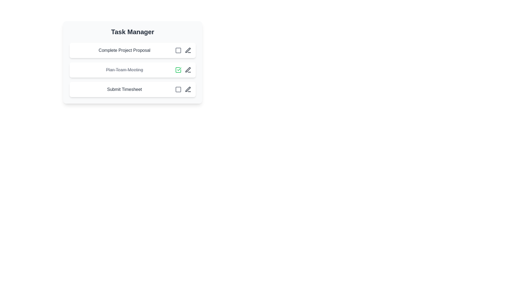 This screenshot has width=522, height=293. What do you see at coordinates (188, 70) in the screenshot?
I see `the icon button resembling a pen, located to the right of the 'Plan Team Meeting' task item` at bounding box center [188, 70].